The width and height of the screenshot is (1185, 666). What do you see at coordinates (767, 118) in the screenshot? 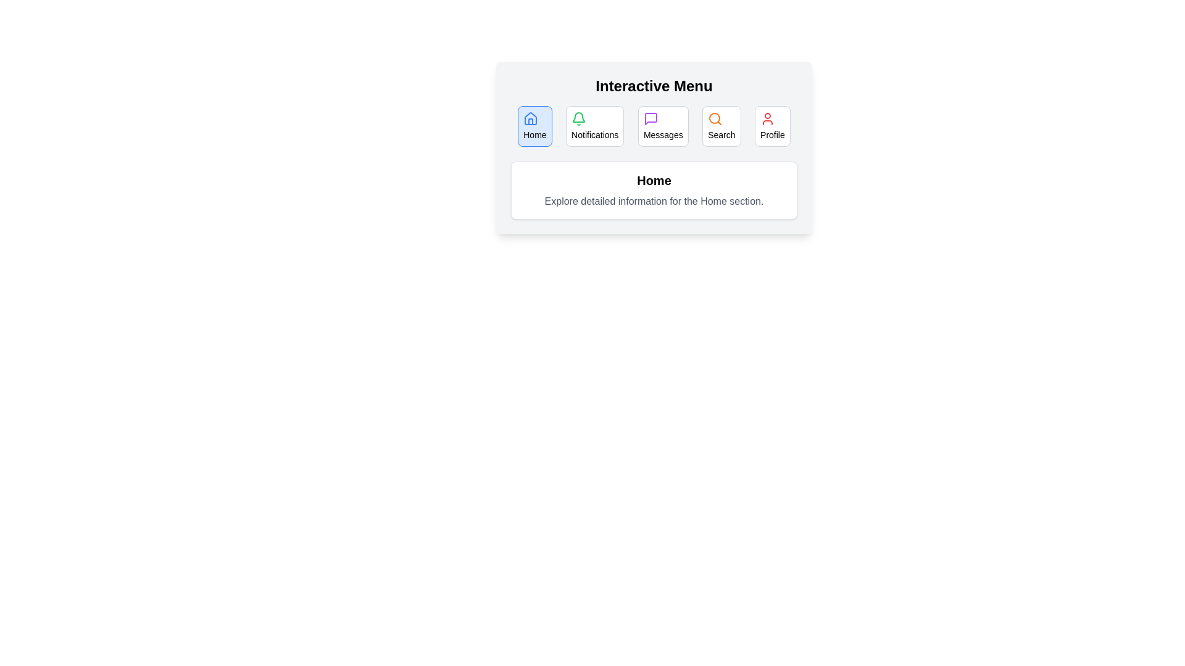
I see `the 'Profile' icon located at the far-right side of the interactive menu` at bounding box center [767, 118].